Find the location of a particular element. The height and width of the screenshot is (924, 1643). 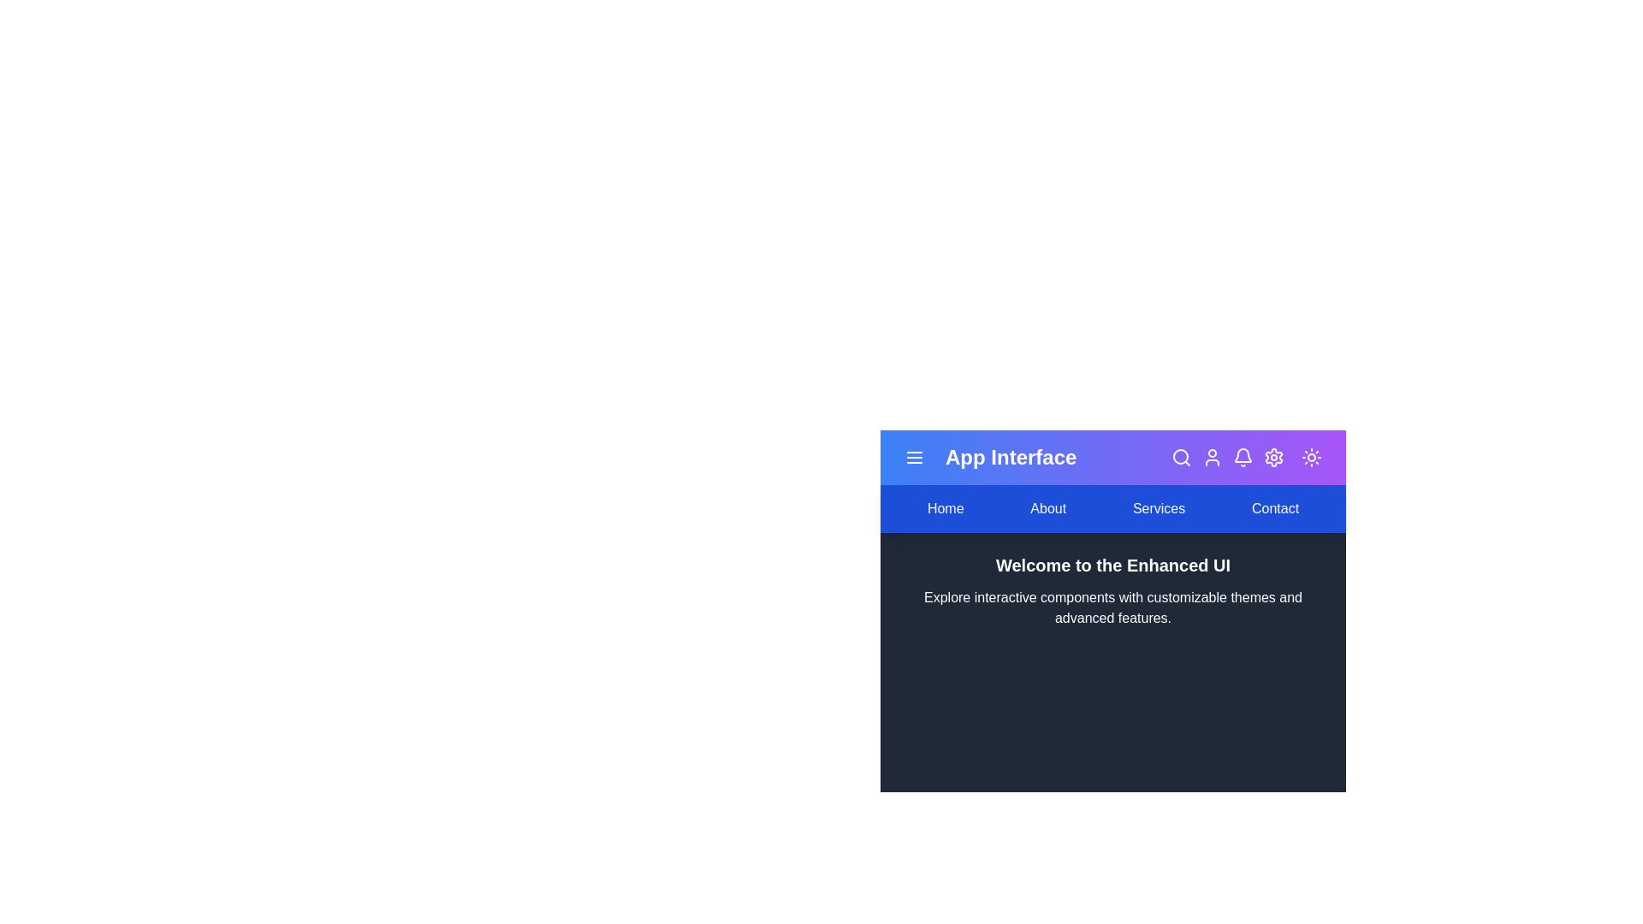

the navigation link labeled About is located at coordinates (1047, 507).